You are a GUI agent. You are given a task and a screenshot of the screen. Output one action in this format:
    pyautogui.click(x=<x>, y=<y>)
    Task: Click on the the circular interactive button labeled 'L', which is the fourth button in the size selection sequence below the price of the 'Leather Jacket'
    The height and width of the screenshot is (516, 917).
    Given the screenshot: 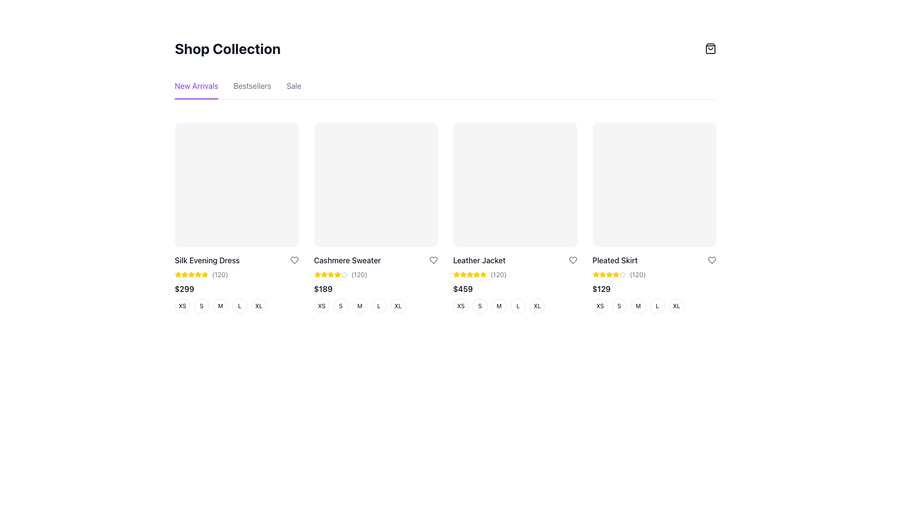 What is the action you would take?
    pyautogui.click(x=514, y=306)
    